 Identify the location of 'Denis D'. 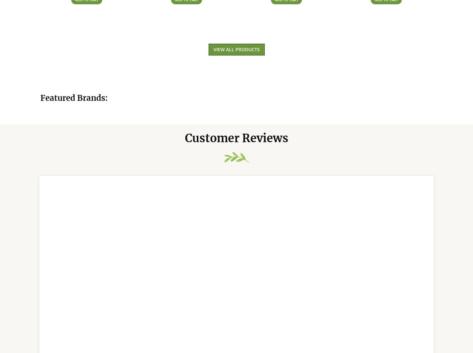
(62, 342).